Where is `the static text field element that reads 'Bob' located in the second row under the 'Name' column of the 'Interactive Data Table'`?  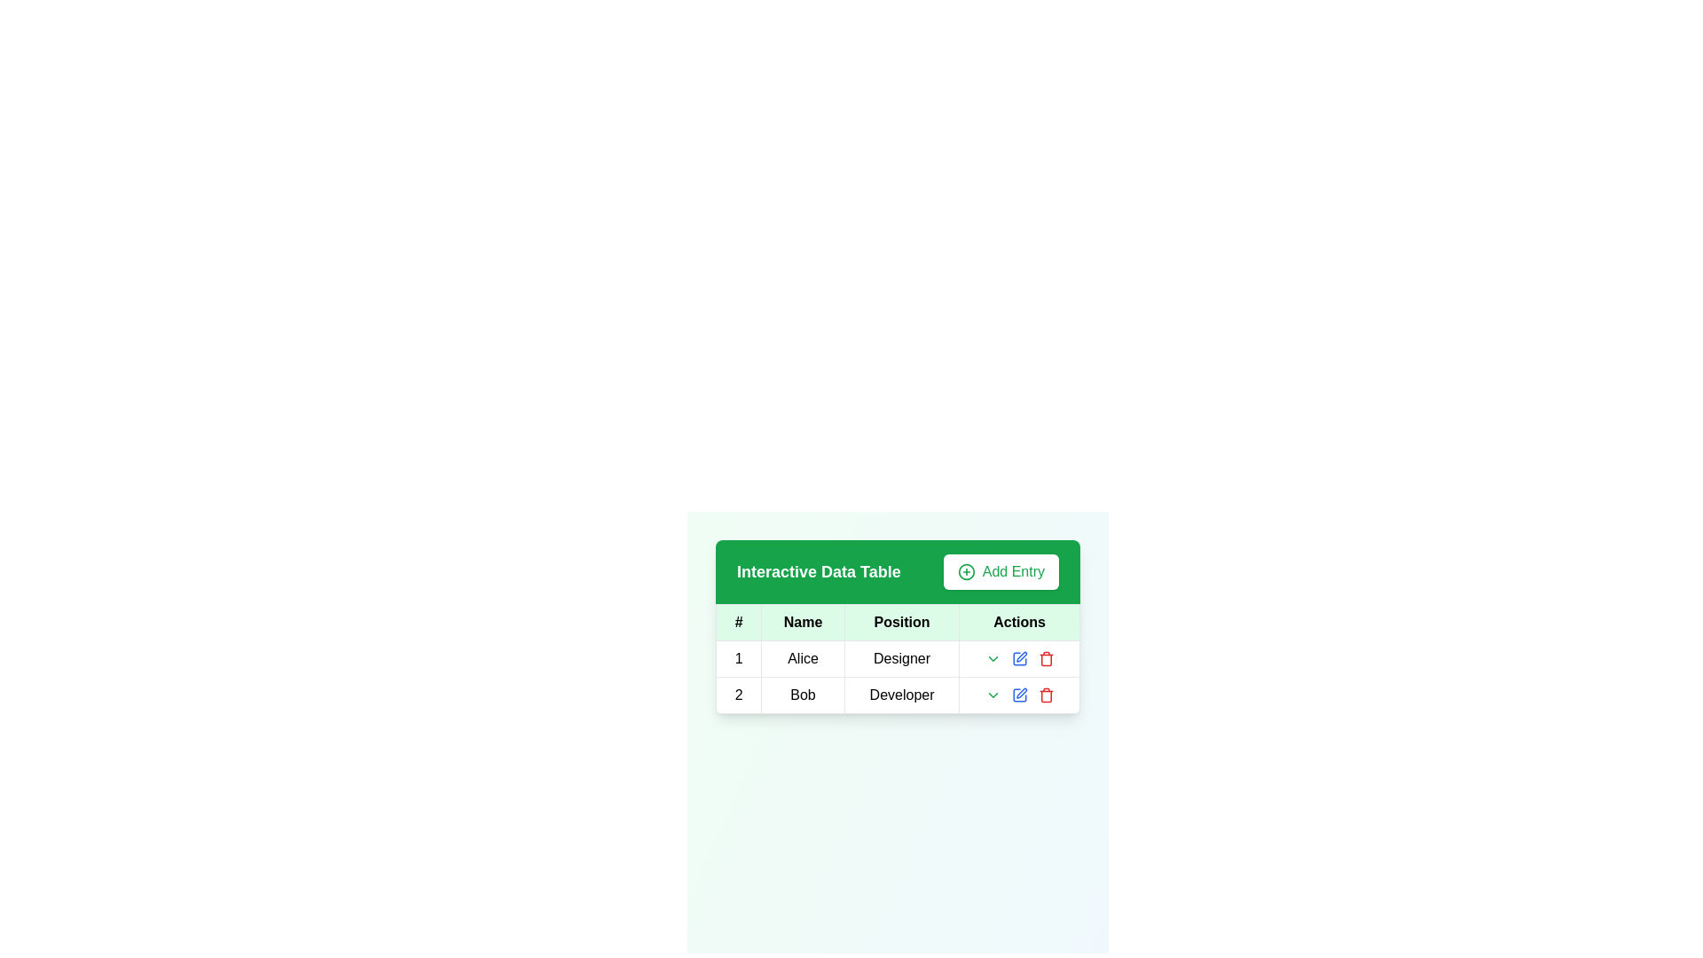 the static text field element that reads 'Bob' located in the second row under the 'Name' column of the 'Interactive Data Table' is located at coordinates (802, 694).